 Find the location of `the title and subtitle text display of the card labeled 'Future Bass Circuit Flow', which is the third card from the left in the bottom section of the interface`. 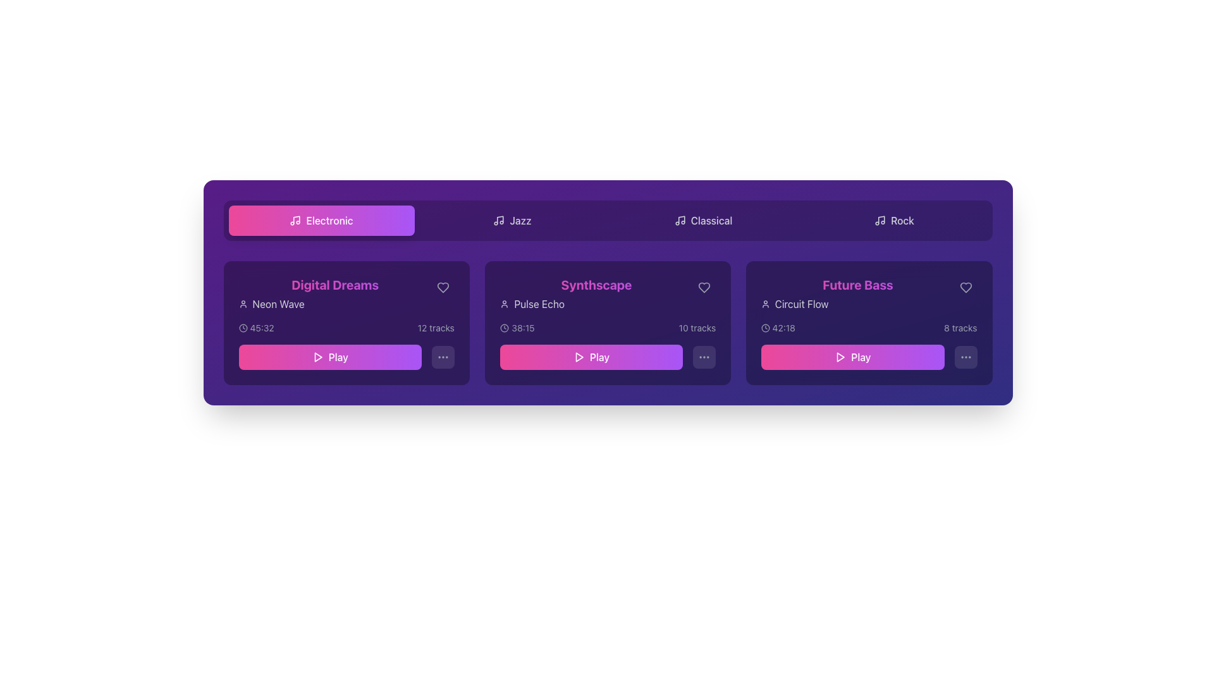

the title and subtitle text display of the card labeled 'Future Bass Circuit Flow', which is the third card from the left in the bottom section of the interface is located at coordinates (868, 294).